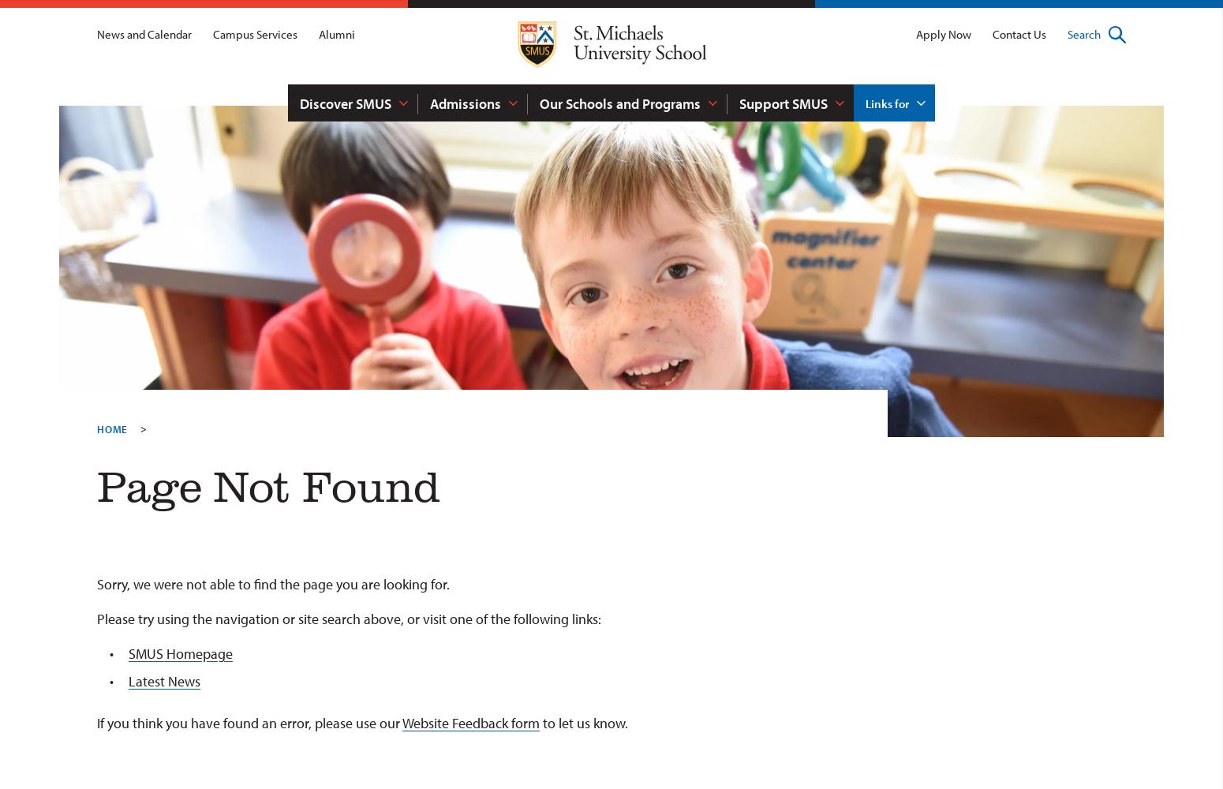 This screenshot has height=789, width=1223. What do you see at coordinates (943, 34) in the screenshot?
I see `'Apply Now'` at bounding box center [943, 34].